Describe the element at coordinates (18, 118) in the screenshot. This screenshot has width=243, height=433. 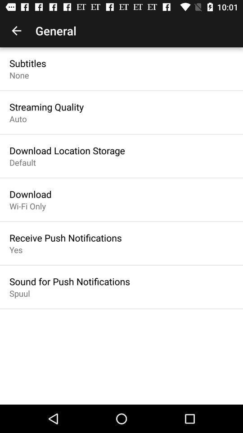
I see `the icon below the streaming quality item` at that location.